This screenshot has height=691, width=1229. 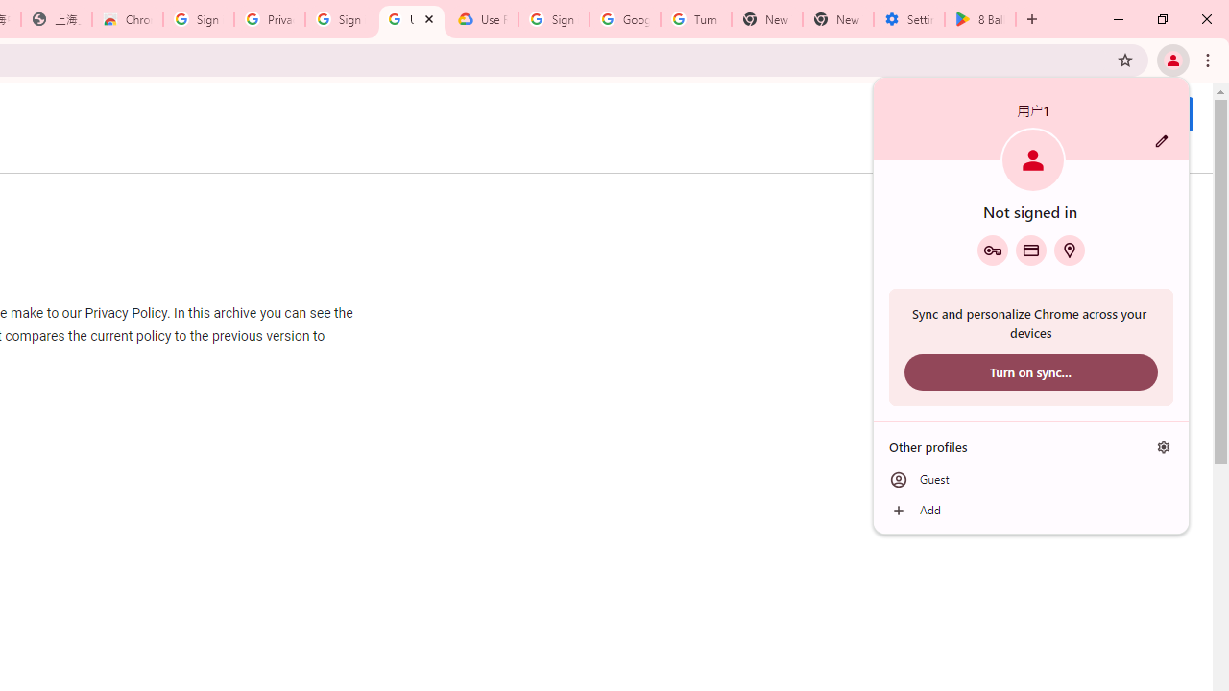 I want to click on 'Turn cookies on or off - Computer - Google Account Help', so click(x=694, y=19).